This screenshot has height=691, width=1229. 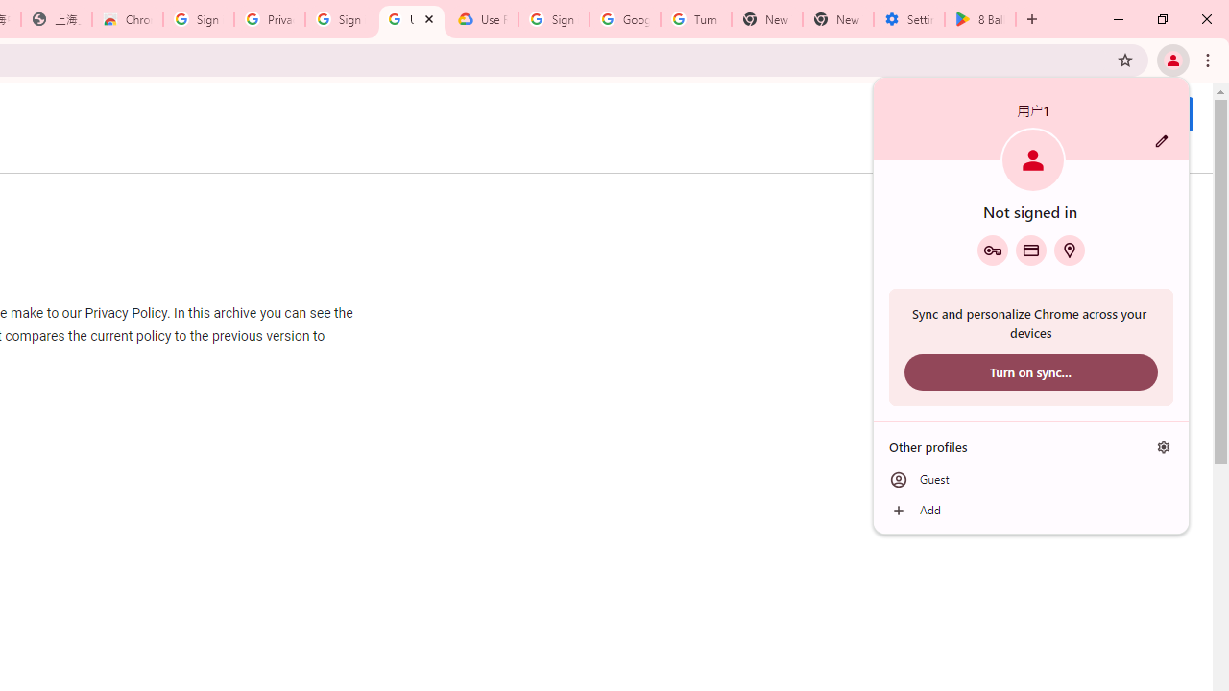 I want to click on 'Turn cookies on or off - Computer - Google Account Help', so click(x=694, y=19).